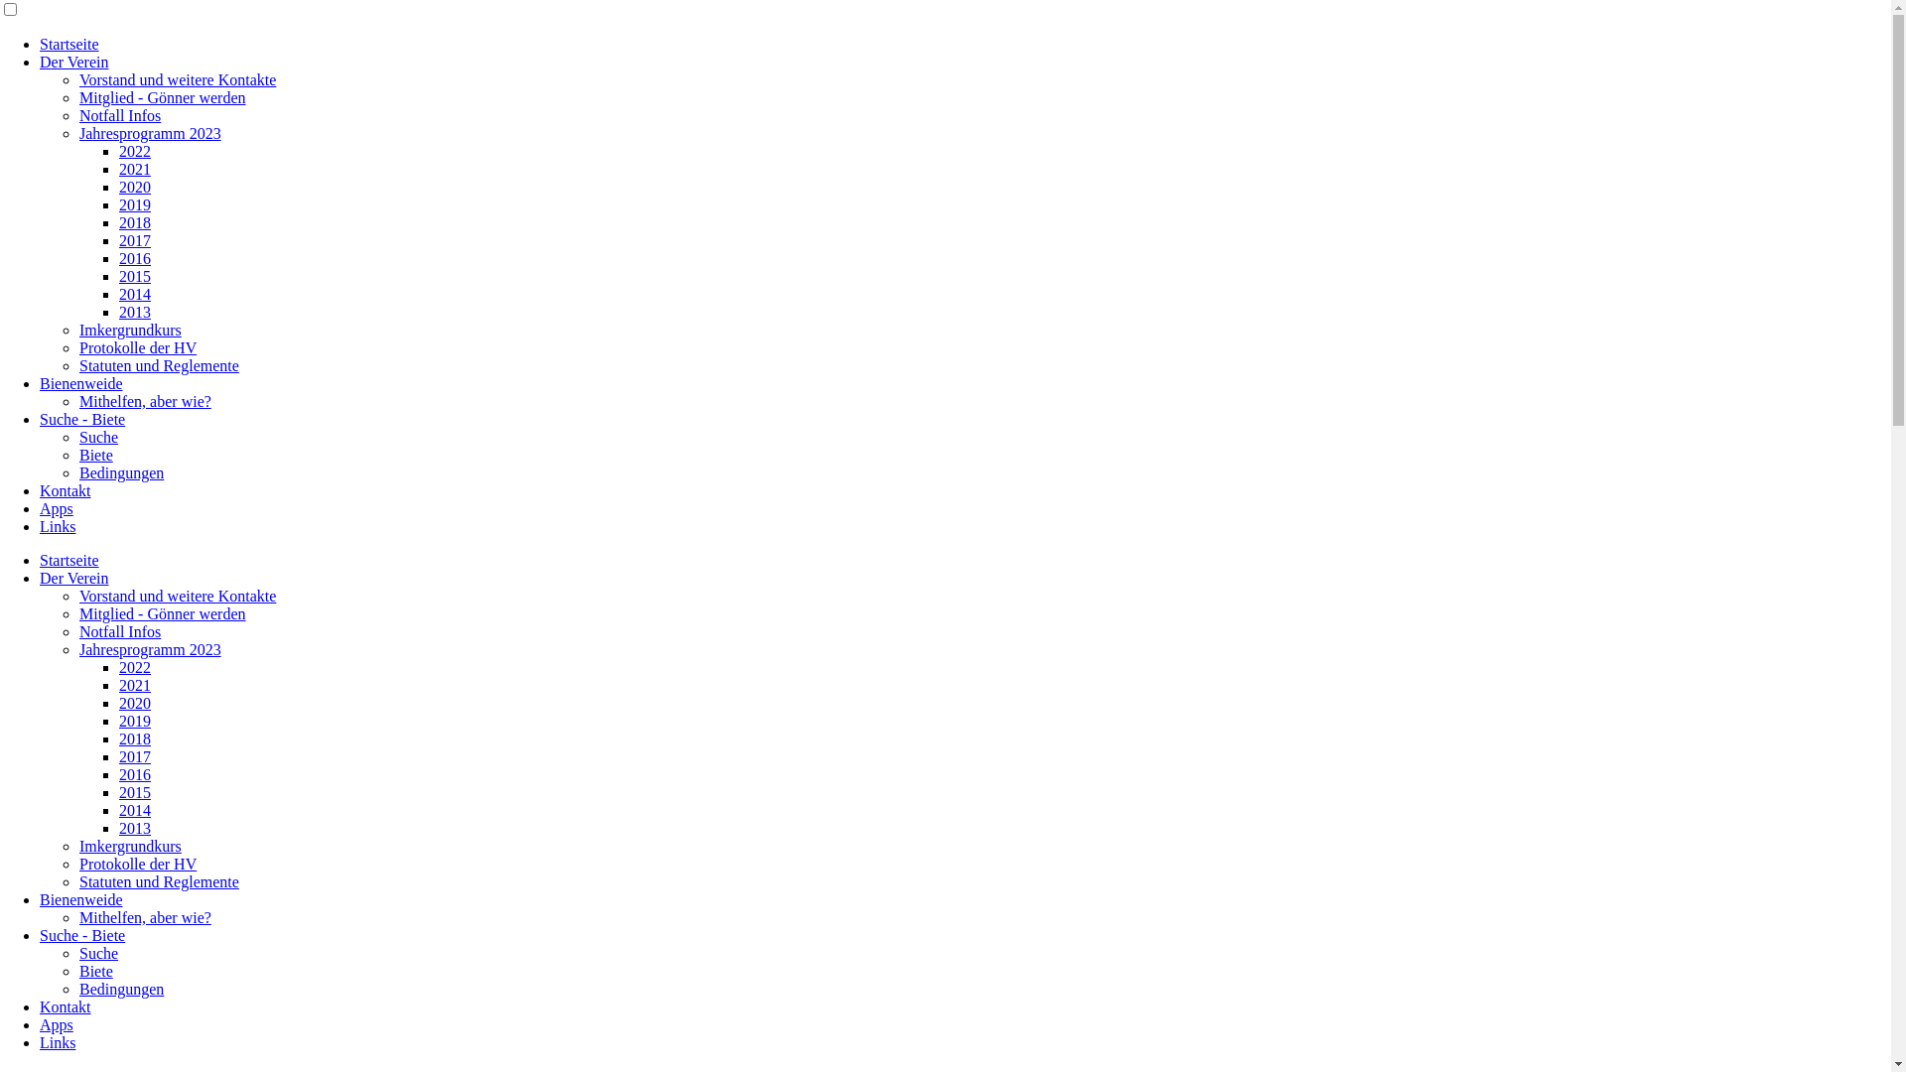 Image resolution: width=1906 pixels, height=1072 pixels. What do you see at coordinates (57, 525) in the screenshot?
I see `'Links'` at bounding box center [57, 525].